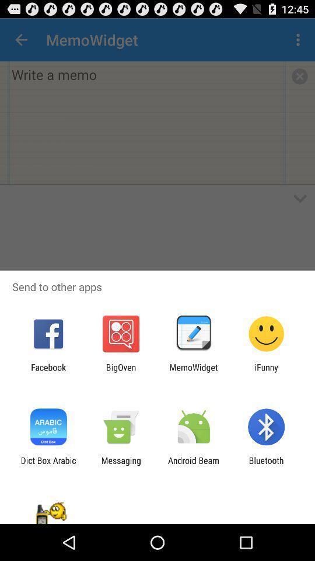 The width and height of the screenshot is (315, 561). I want to click on the item next to the android beam icon, so click(120, 465).